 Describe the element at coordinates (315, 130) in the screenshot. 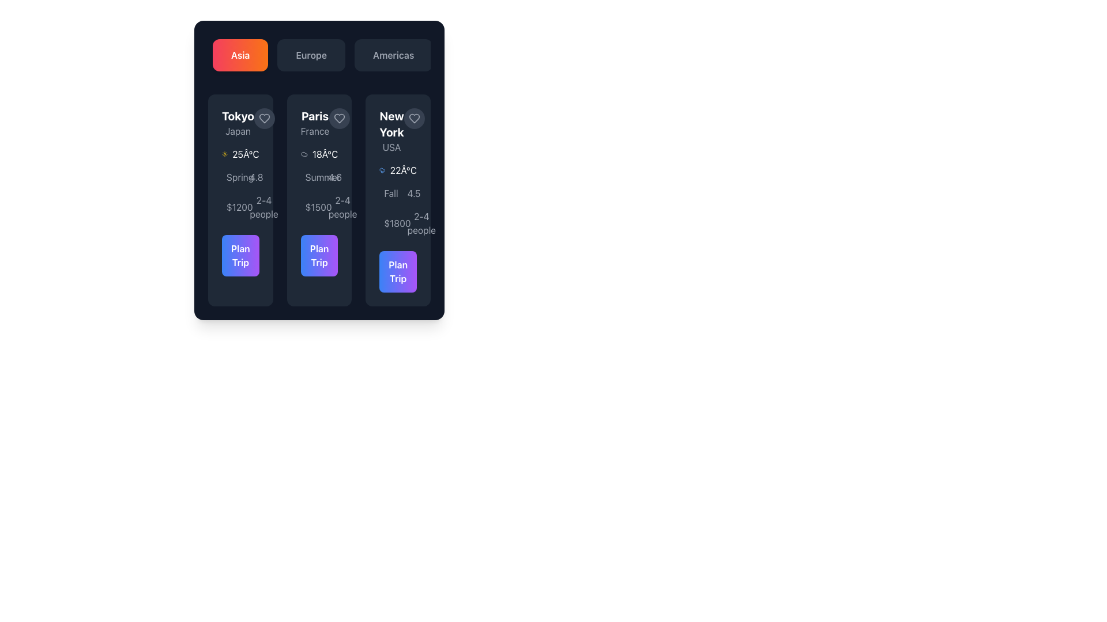

I see `the text label that reads 'France', which is styled with a light gray font and located below the 'Paris' label in a dark-themed card` at that location.